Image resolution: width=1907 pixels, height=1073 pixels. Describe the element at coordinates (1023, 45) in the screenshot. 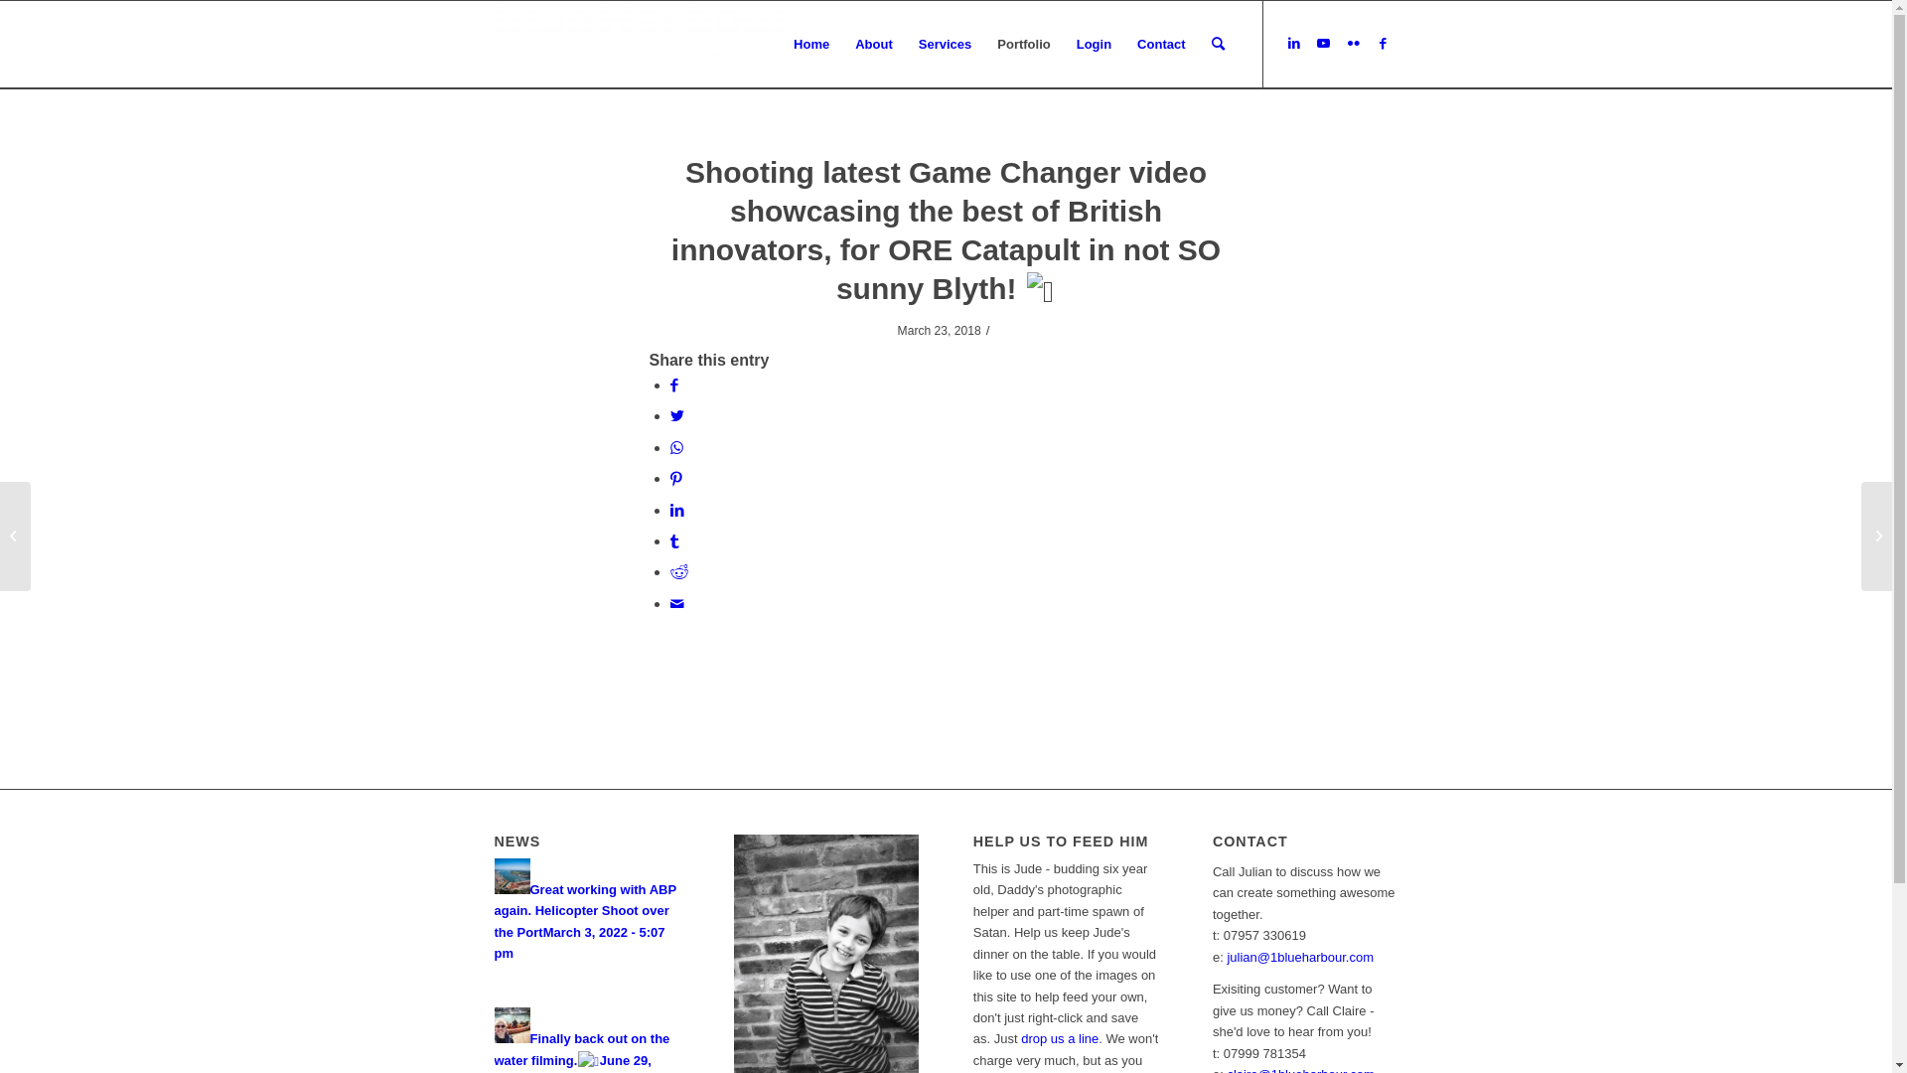

I see `'Portfolio'` at that location.